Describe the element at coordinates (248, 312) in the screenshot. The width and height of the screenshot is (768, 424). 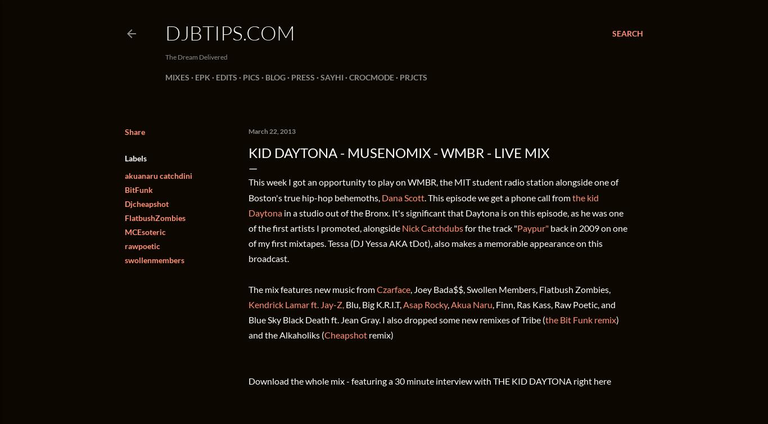
I see `', Finn, Ras Kass, Raw Poetic, and Blue Sky Black Death ft. Jean Gray. I also dropped some new remixes of Tribe ('` at that location.